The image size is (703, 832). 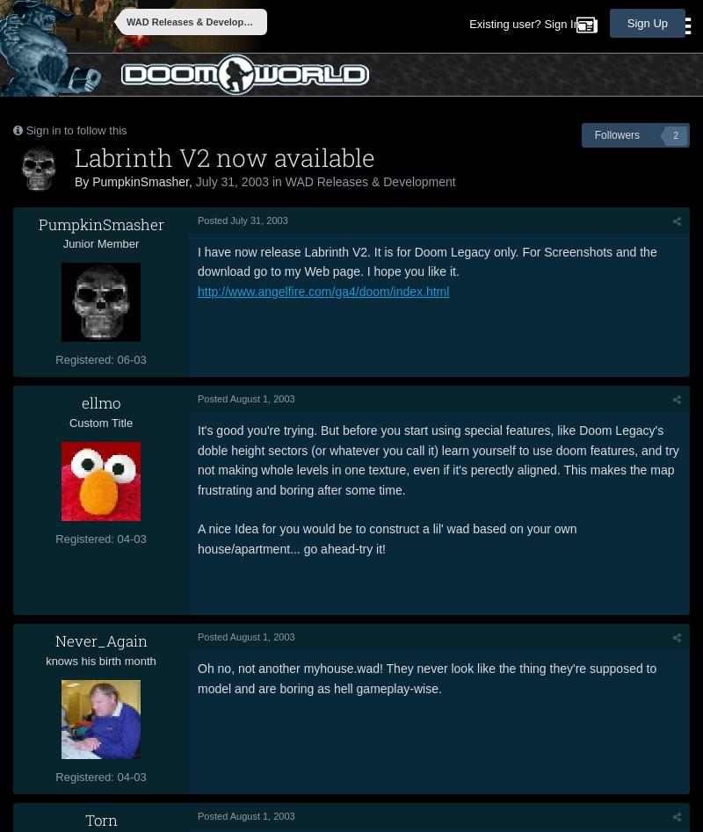 I want to click on 'http://www.angelfire.com/ga4/doom/index.html', so click(x=323, y=289).